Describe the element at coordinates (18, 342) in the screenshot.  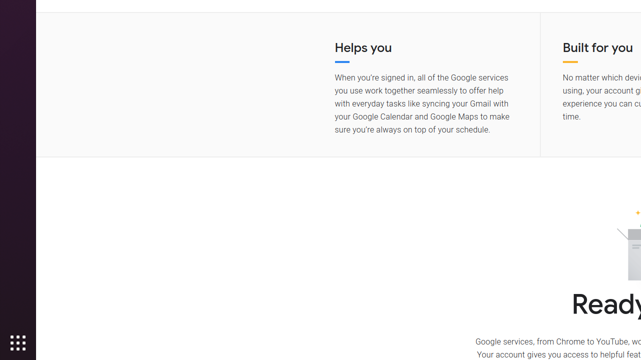
I see `'Show Applications'` at that location.